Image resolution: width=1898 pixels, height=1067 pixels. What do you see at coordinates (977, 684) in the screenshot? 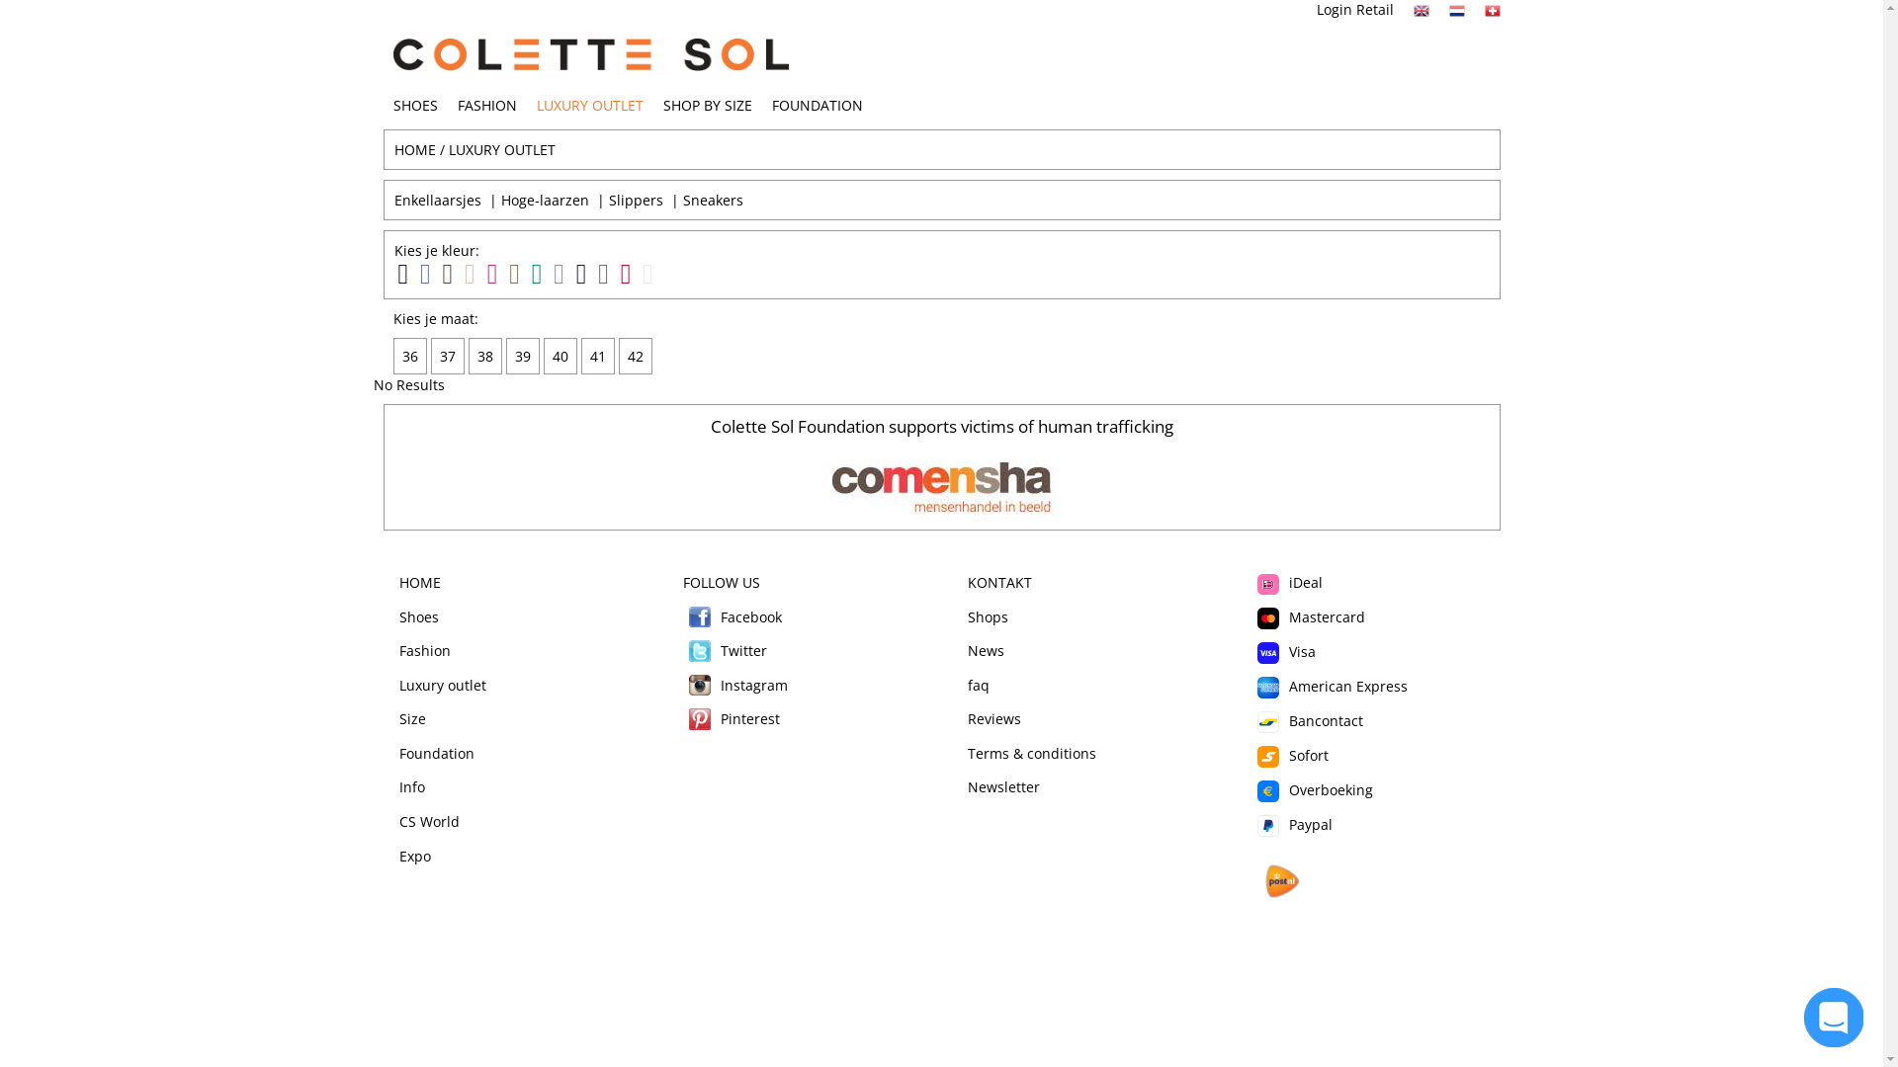
I see `'faq'` at bounding box center [977, 684].